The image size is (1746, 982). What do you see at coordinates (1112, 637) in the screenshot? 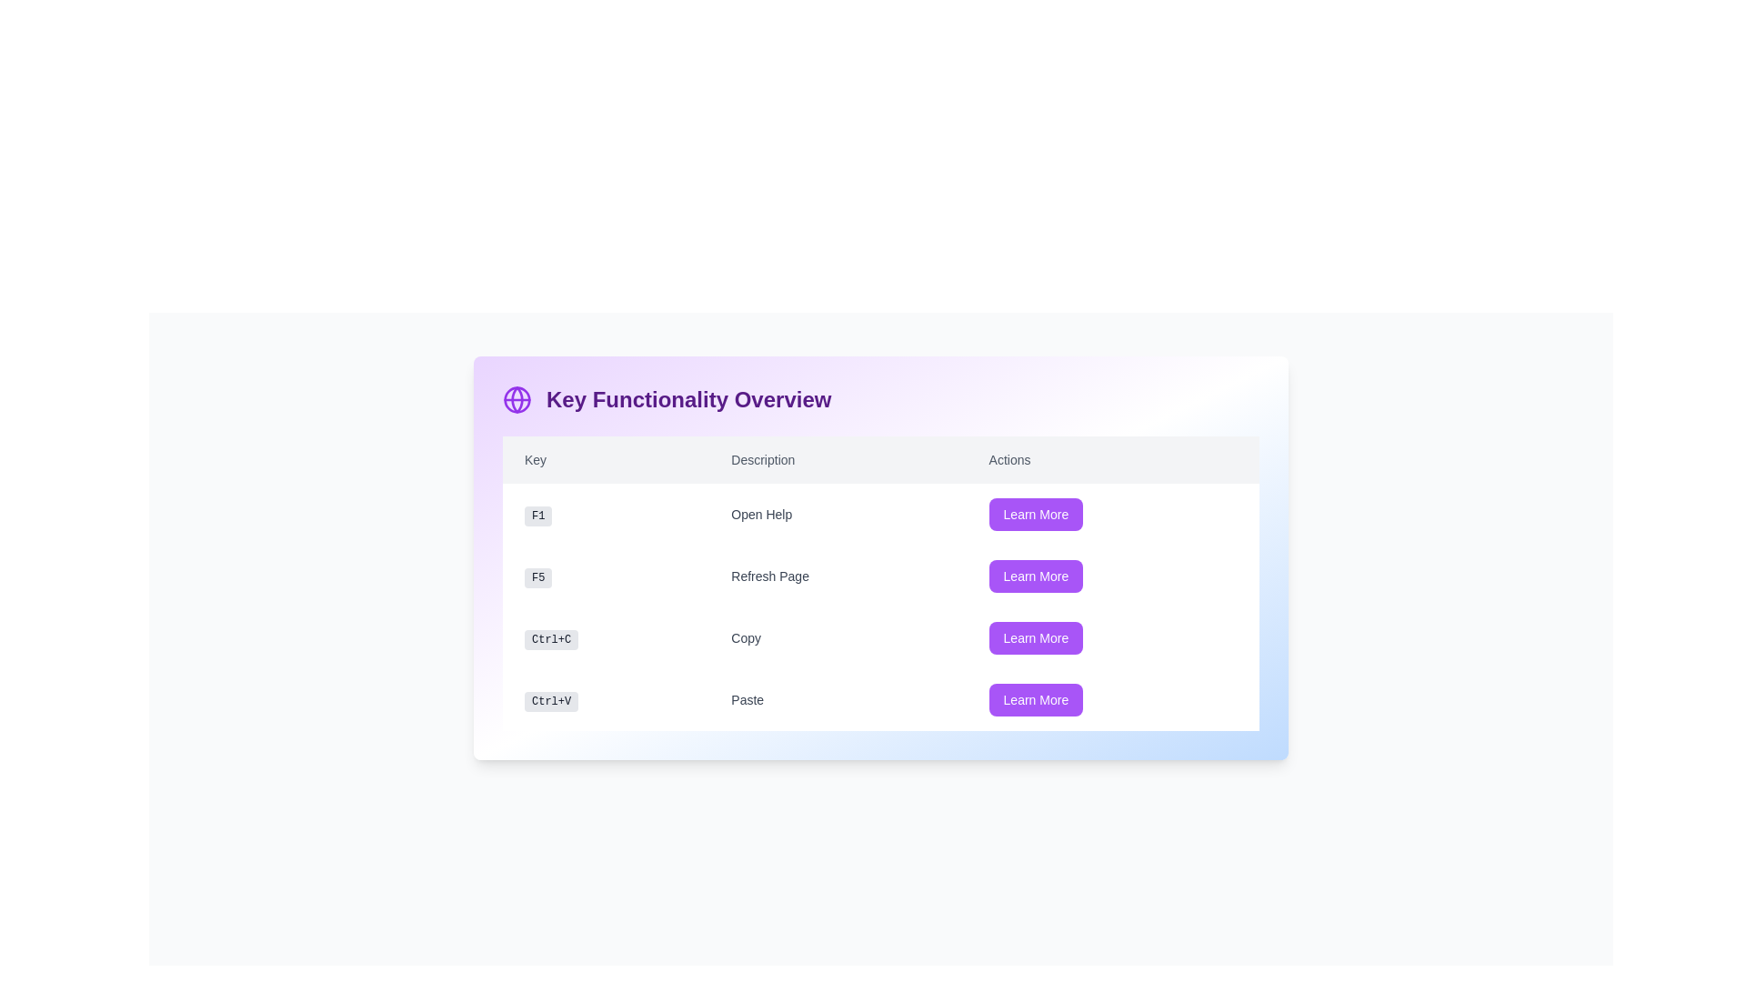
I see `the purple 'Learn More' button with rounded corners, the third button from the top in the 'Actions' column of the table` at bounding box center [1112, 637].